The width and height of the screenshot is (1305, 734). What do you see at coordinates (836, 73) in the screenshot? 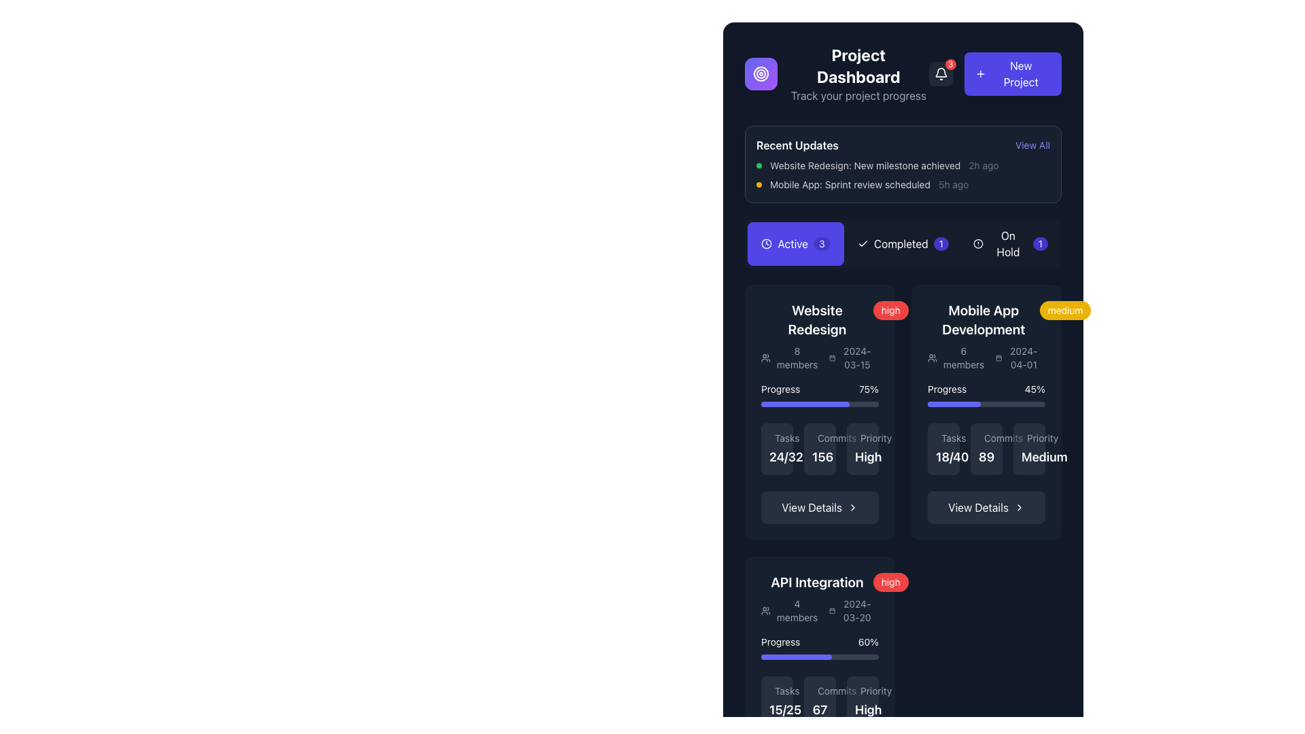
I see `the 'Project Dashboard' heading, which features a bold title and a subtitle in gray, along with a decorative icon on its left side` at bounding box center [836, 73].